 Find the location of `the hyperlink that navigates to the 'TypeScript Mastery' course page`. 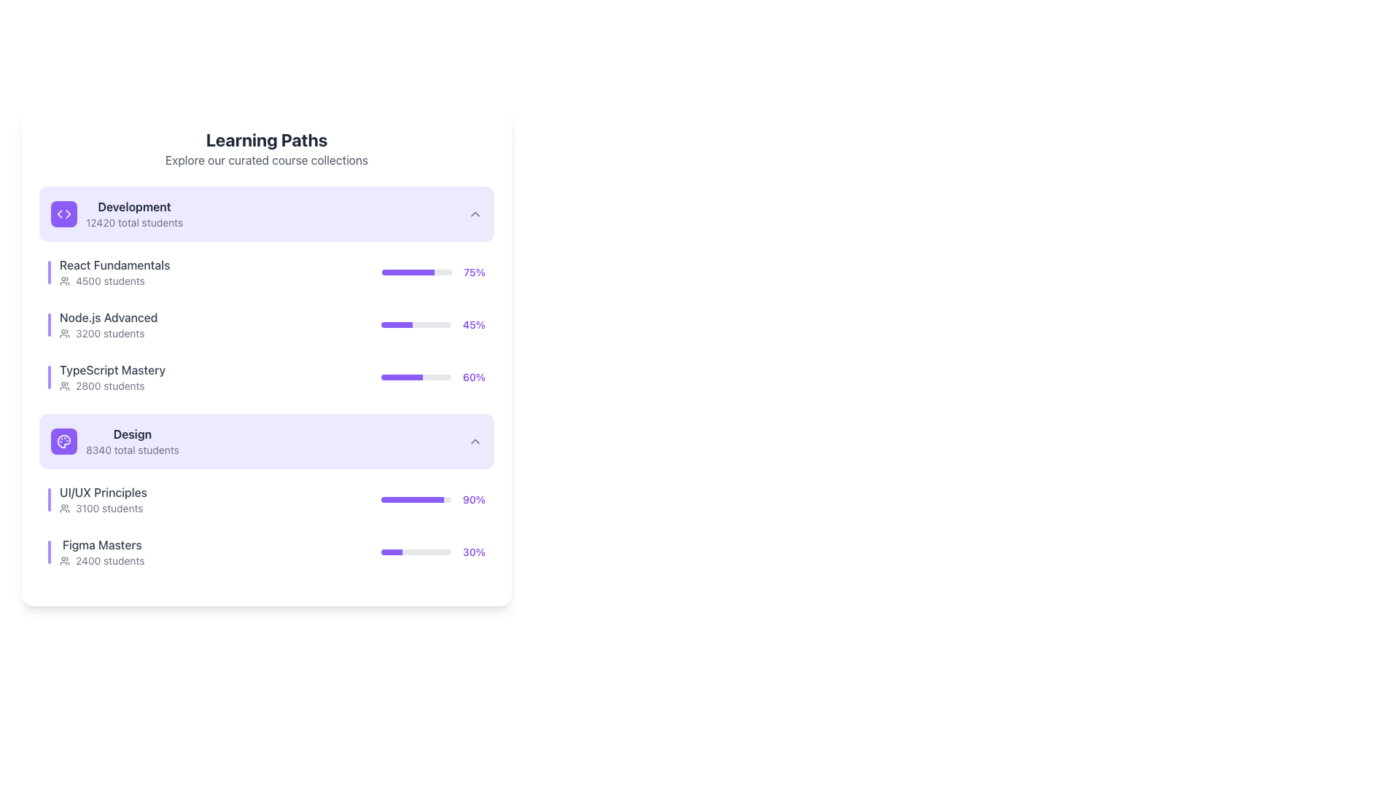

the hyperlink that navigates to the 'TypeScript Mastery' course page is located at coordinates (112, 369).